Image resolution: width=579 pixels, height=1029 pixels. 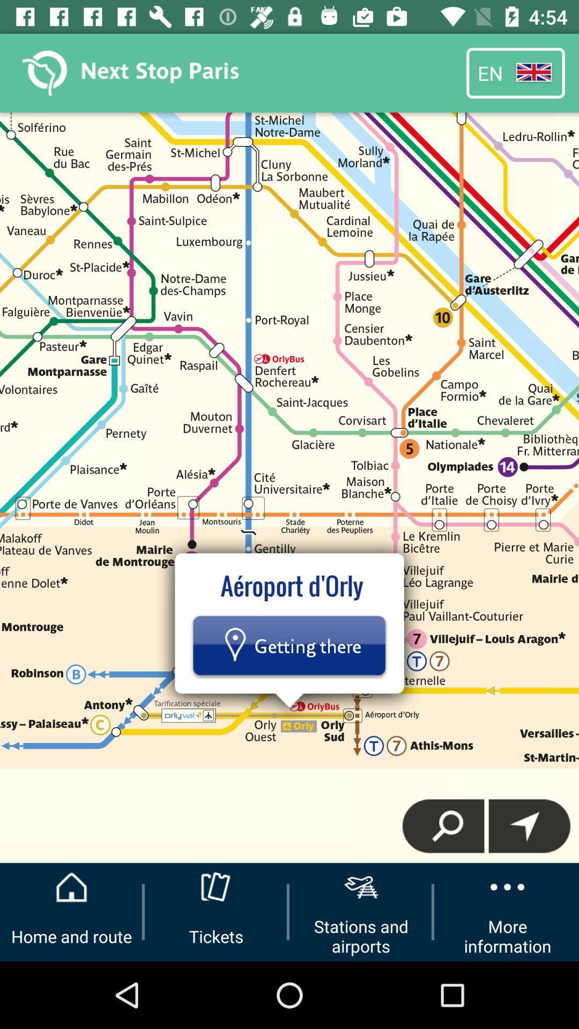 What do you see at coordinates (442, 826) in the screenshot?
I see `the search icon` at bounding box center [442, 826].